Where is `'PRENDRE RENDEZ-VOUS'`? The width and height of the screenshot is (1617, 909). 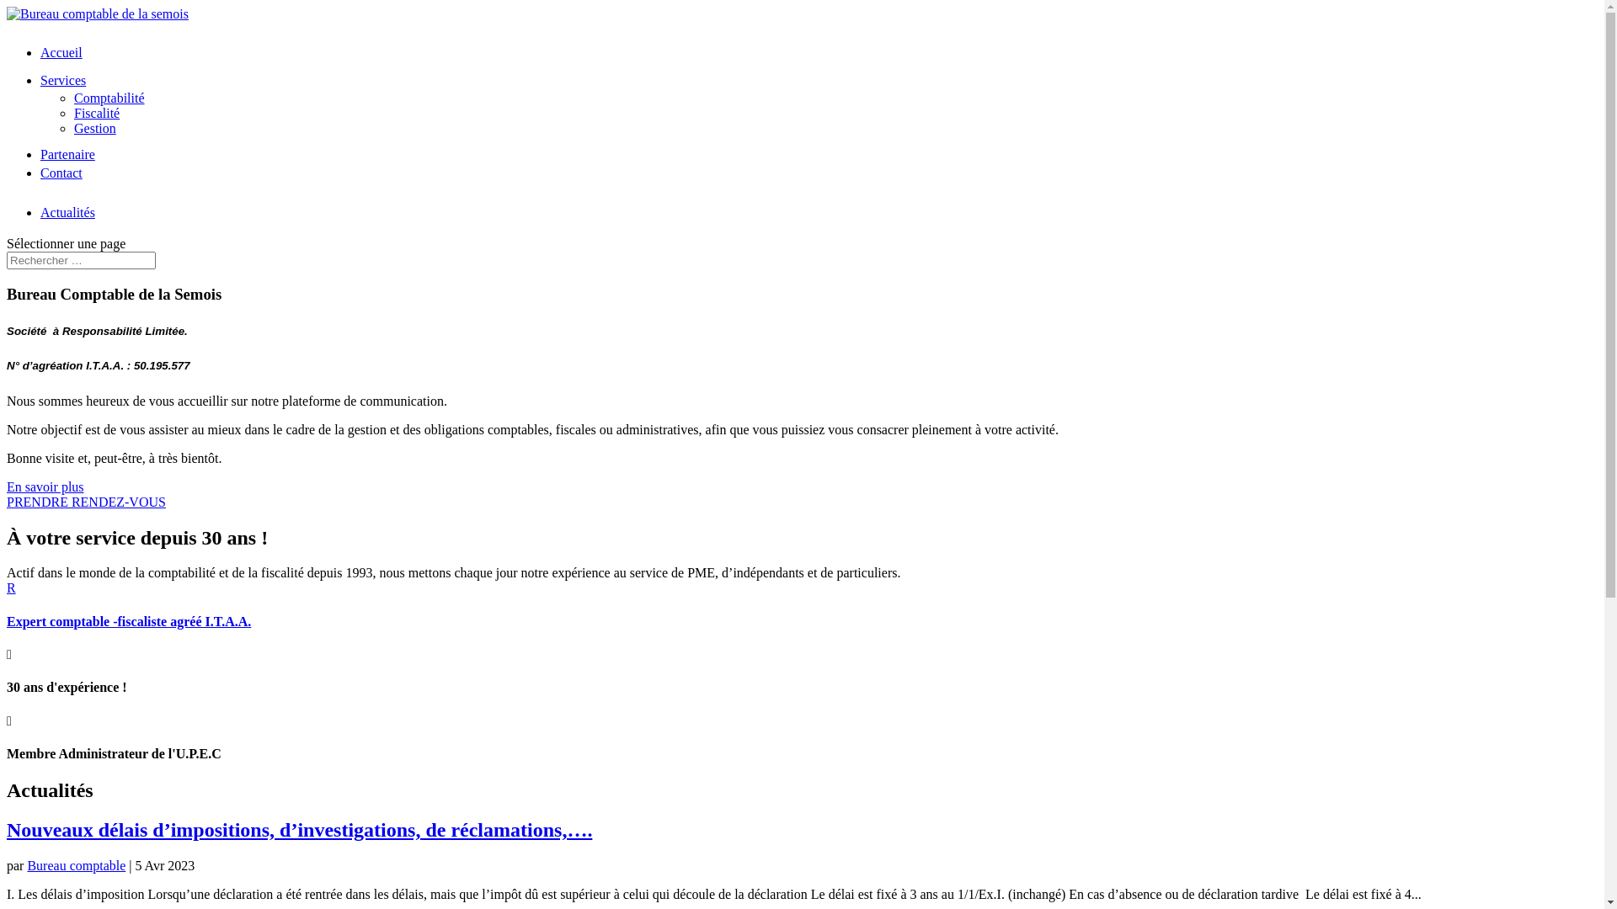 'PRENDRE RENDEZ-VOUS' is located at coordinates (85, 501).